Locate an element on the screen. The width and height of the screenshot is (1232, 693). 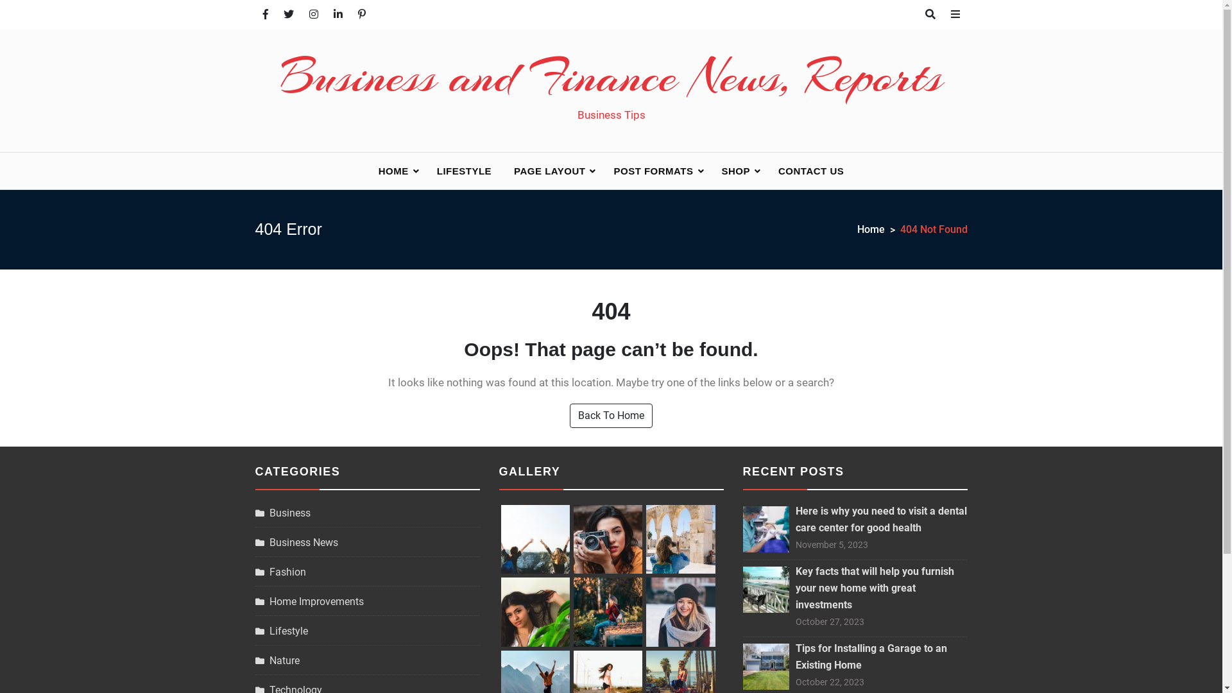
'PAGE LAYOUT' is located at coordinates (552, 170).